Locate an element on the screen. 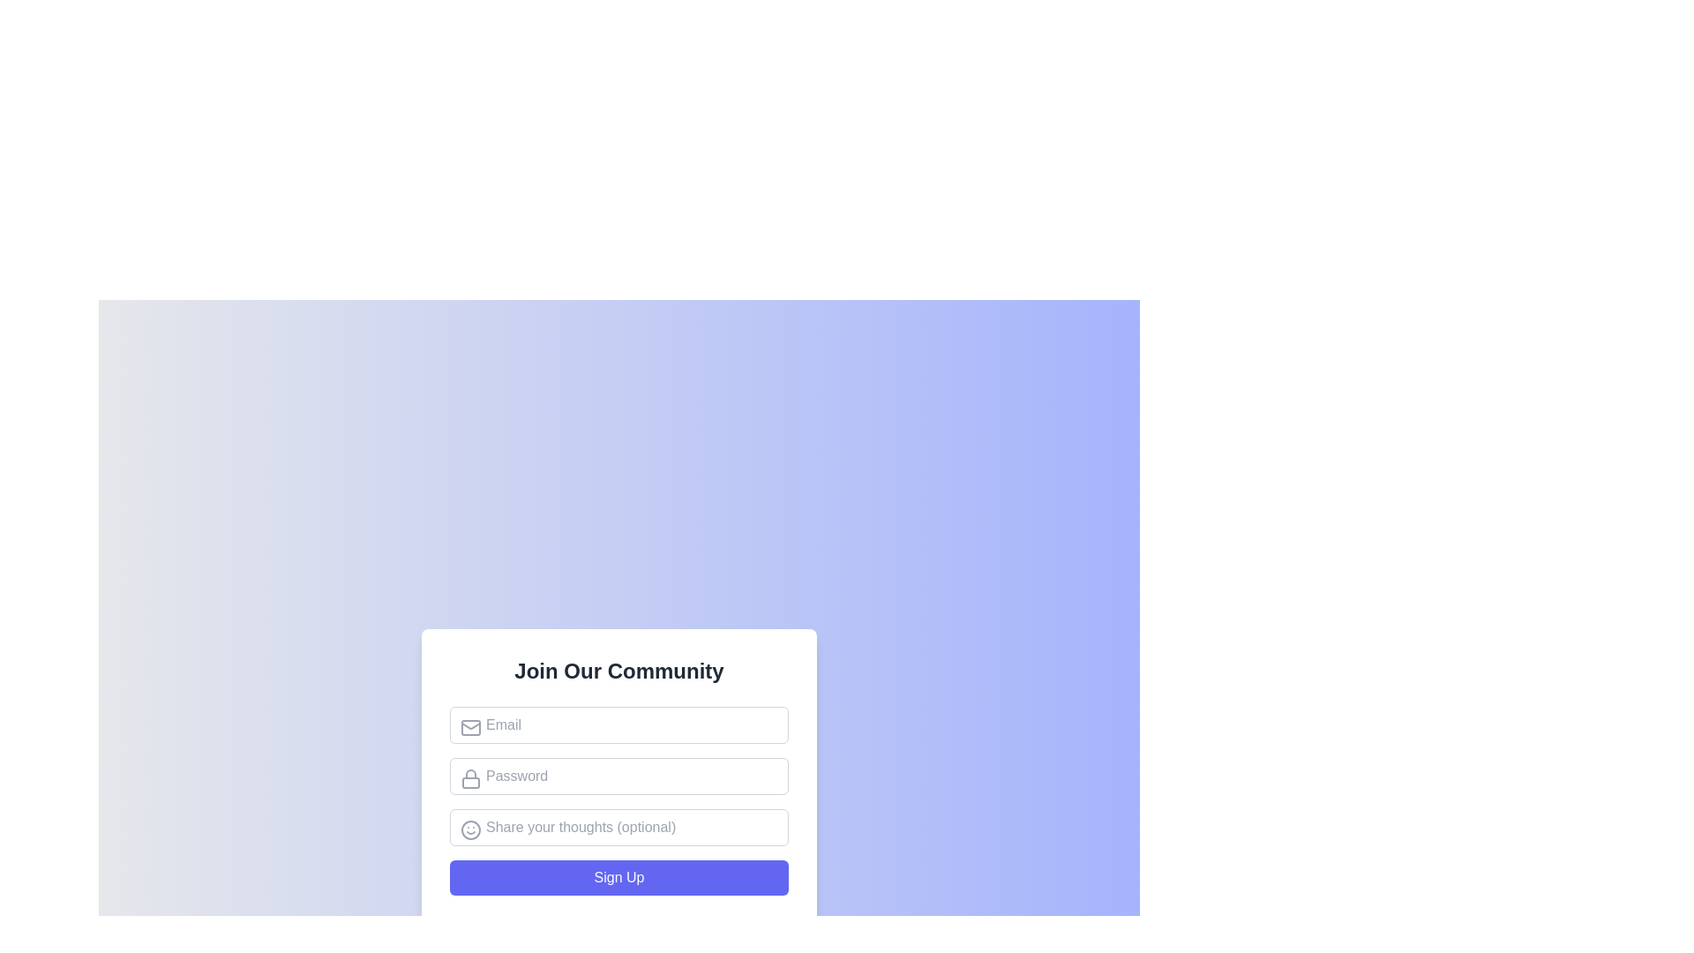 This screenshot has width=1694, height=953. the Decorative lock icon located at the top left inside the 'Password' input field, which is styled with a gray color and modern lines is located at coordinates (470, 778).